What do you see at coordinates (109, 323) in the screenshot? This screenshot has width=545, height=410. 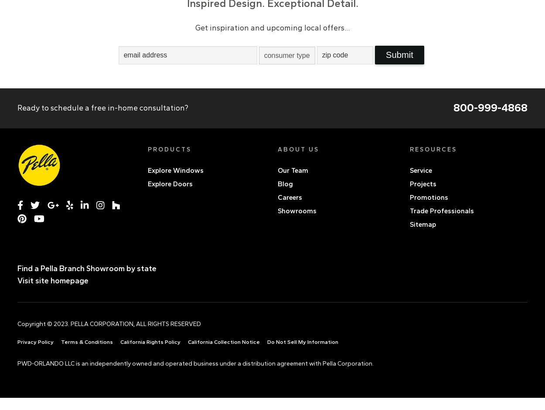 I see `'Copyright © 2023. PELLA CORPORATION, ALL RIGHTS RESERVED'` at bounding box center [109, 323].